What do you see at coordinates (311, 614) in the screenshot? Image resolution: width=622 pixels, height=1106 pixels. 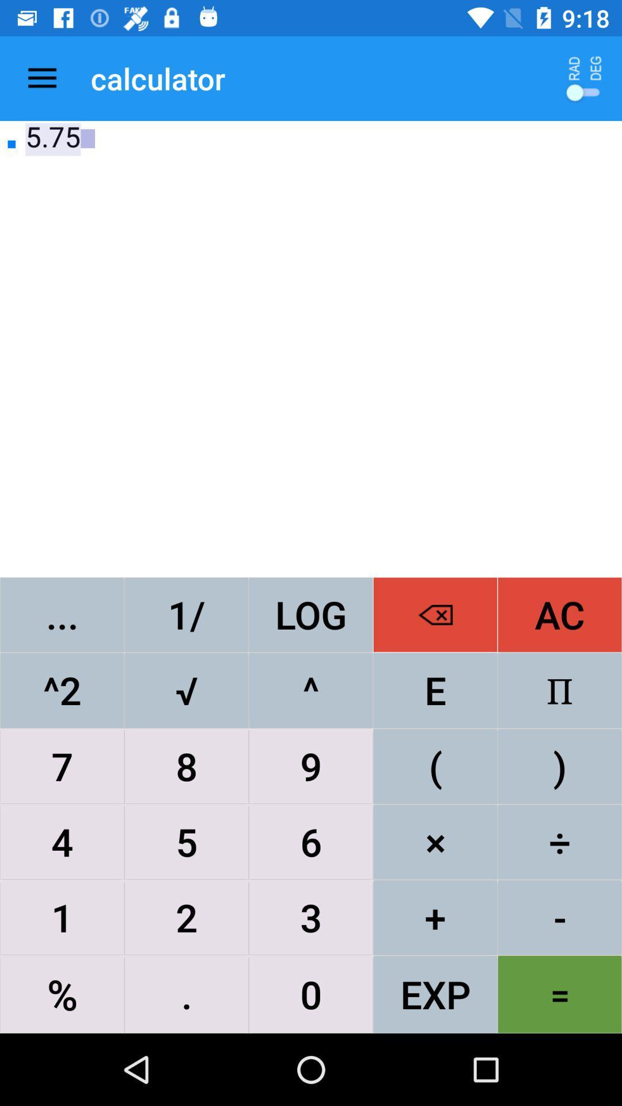 I see `the log` at bounding box center [311, 614].